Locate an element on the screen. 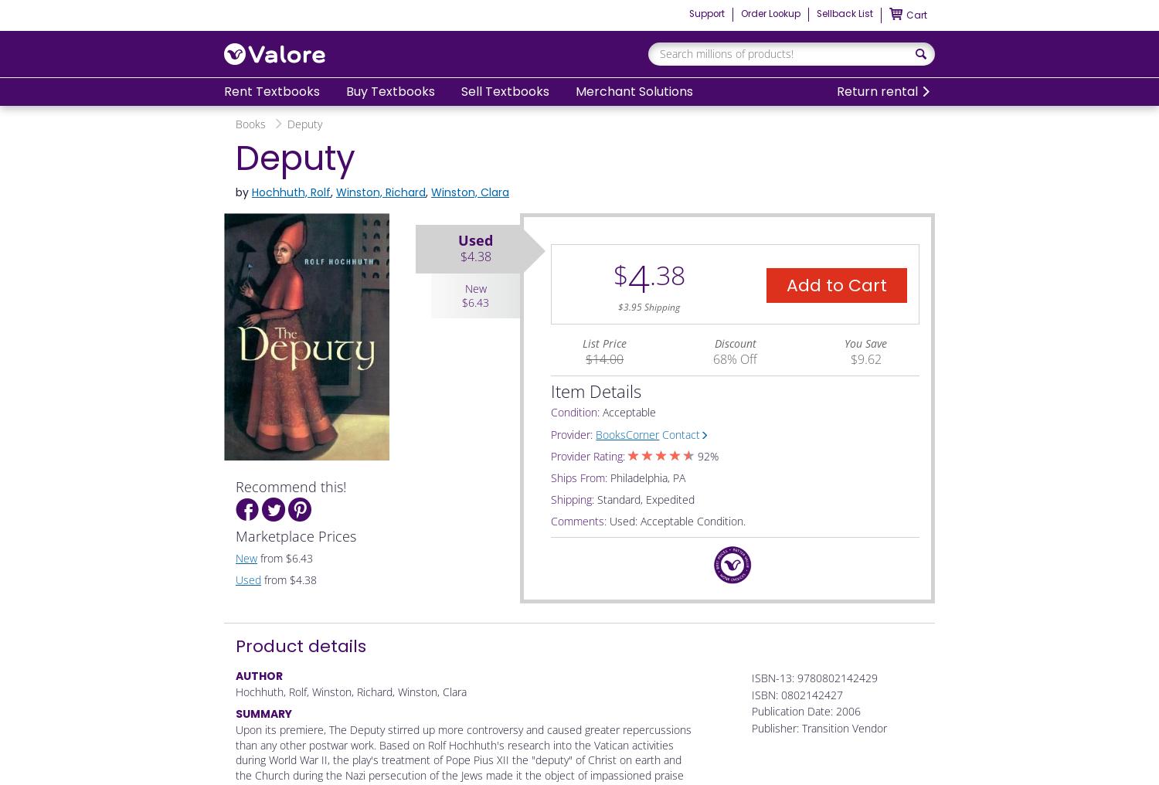  'Return rental' is located at coordinates (876, 90).